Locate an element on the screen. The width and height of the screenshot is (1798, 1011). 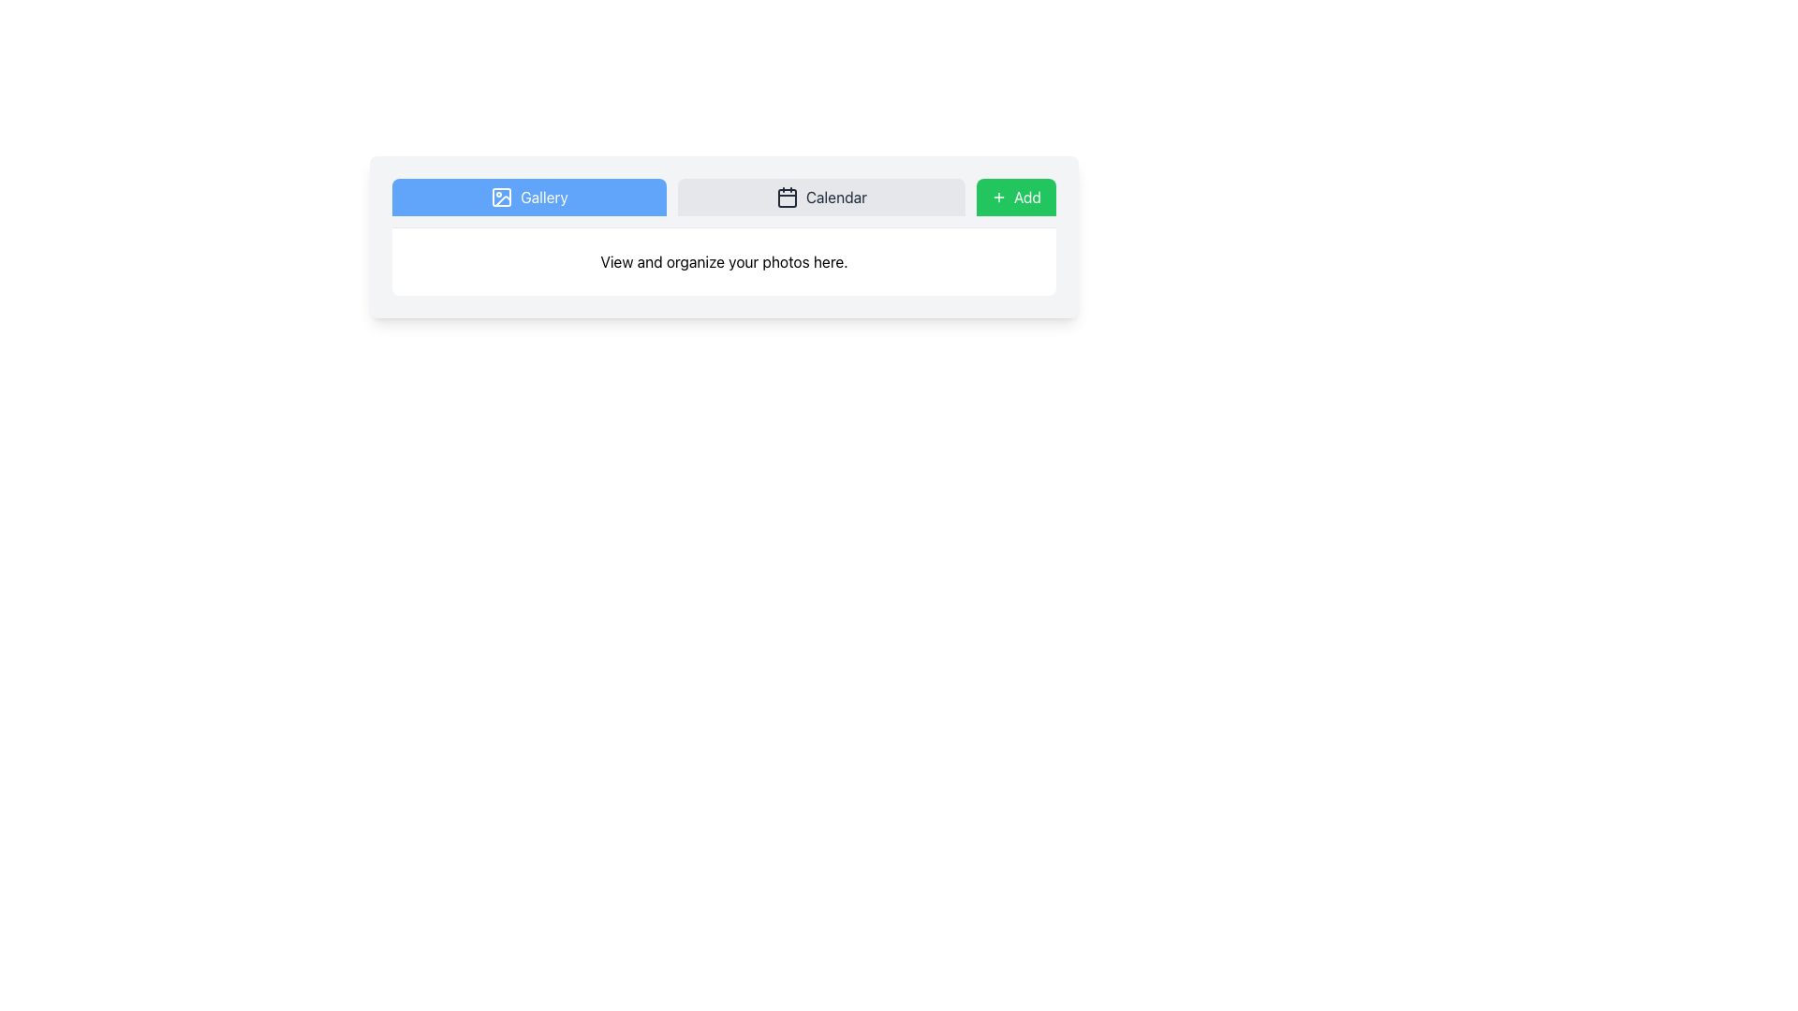
the 'Gallery' button, which is a horizontally elongated button with a light blue background and white text on the upper central section of the interface is located at coordinates (528, 198).